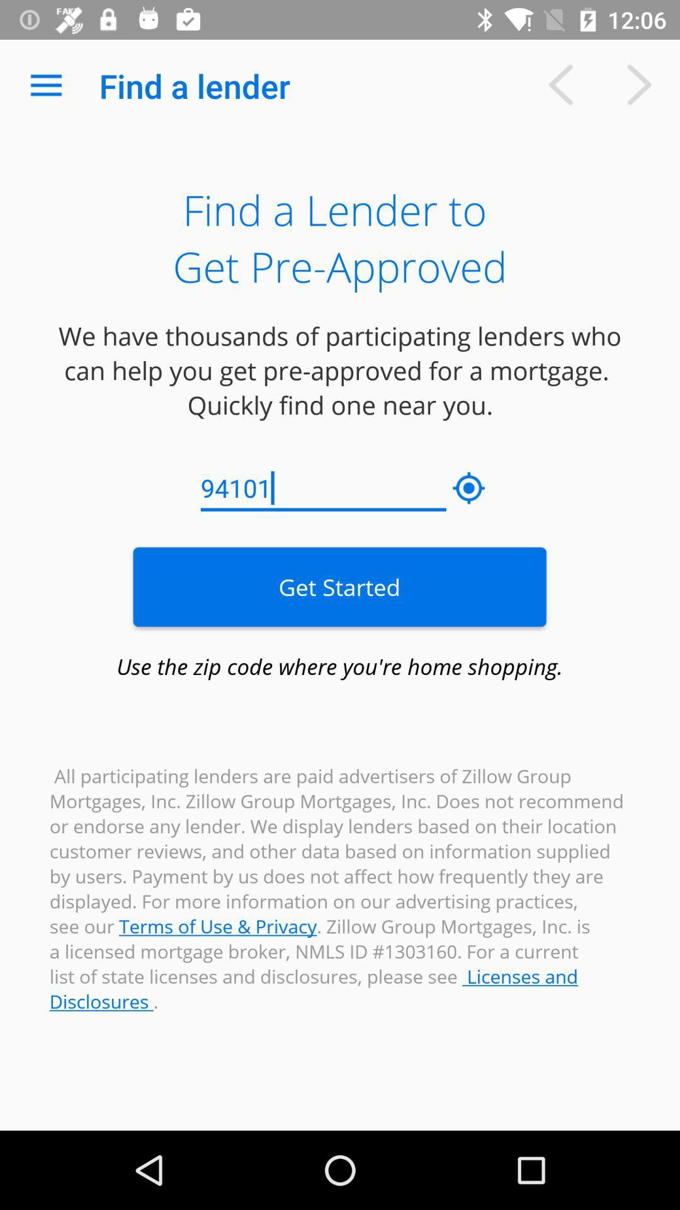  Describe the element at coordinates (322, 488) in the screenshot. I see `icon above get started icon` at that location.